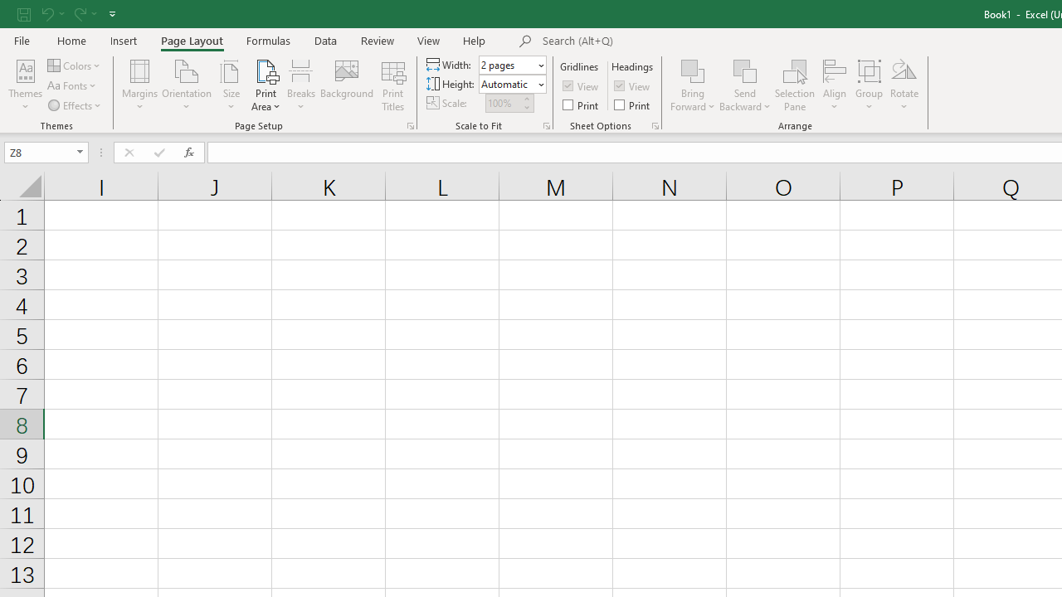  Describe the element at coordinates (300, 85) in the screenshot. I see `'Breaks'` at that location.